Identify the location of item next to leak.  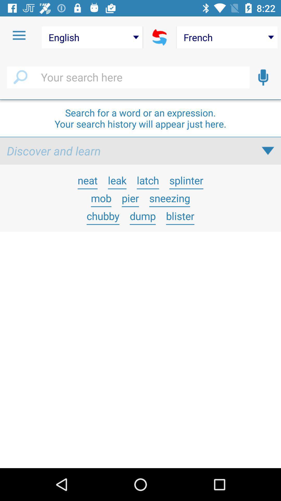
(148, 180).